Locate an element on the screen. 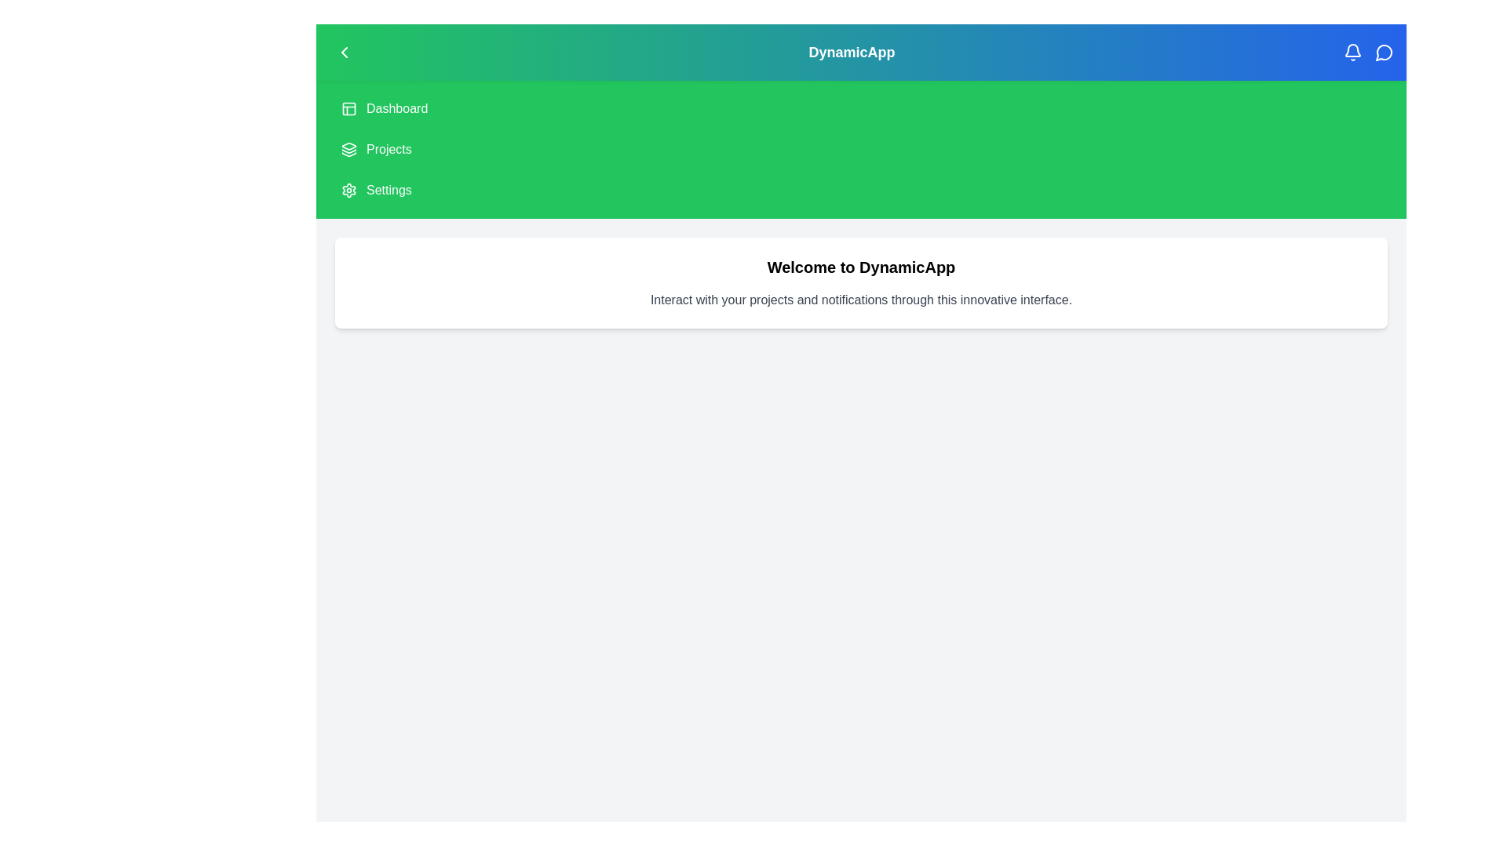 The width and height of the screenshot is (1507, 847). the 'Dashboard' item in the side menu is located at coordinates (396, 107).